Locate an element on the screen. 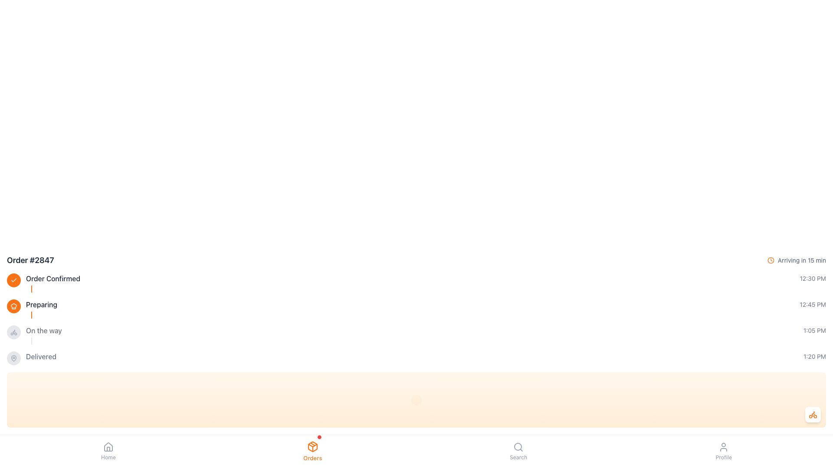 The image size is (833, 468). text of the status label indicating 'Preparing' which is the second status in the order tracking sequence is located at coordinates (41, 304).